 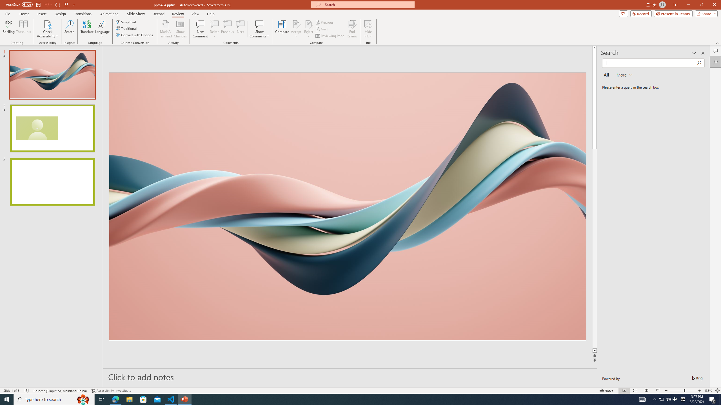 What do you see at coordinates (200, 29) in the screenshot?
I see `'New Comment'` at bounding box center [200, 29].